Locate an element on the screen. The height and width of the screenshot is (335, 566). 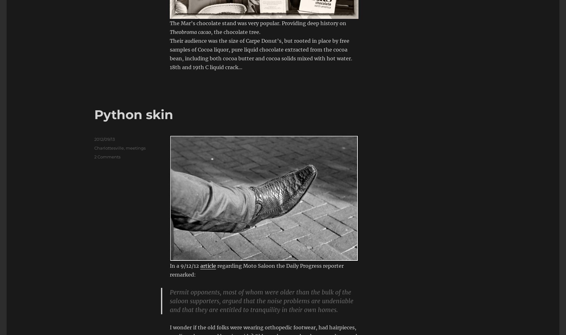
'meetings' is located at coordinates (136, 147).